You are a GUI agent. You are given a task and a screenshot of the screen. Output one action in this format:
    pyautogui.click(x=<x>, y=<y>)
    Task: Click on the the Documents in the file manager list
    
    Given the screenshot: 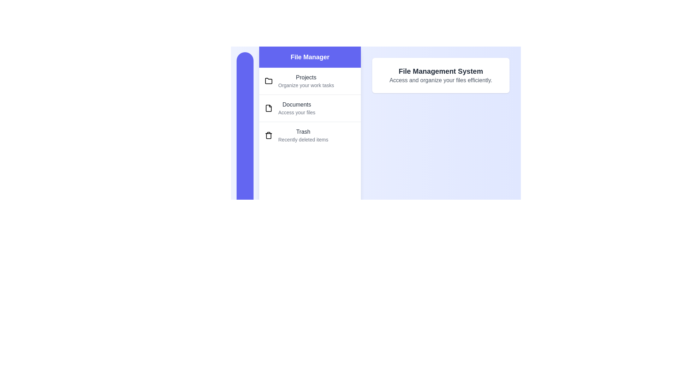 What is the action you would take?
    pyautogui.click(x=310, y=108)
    